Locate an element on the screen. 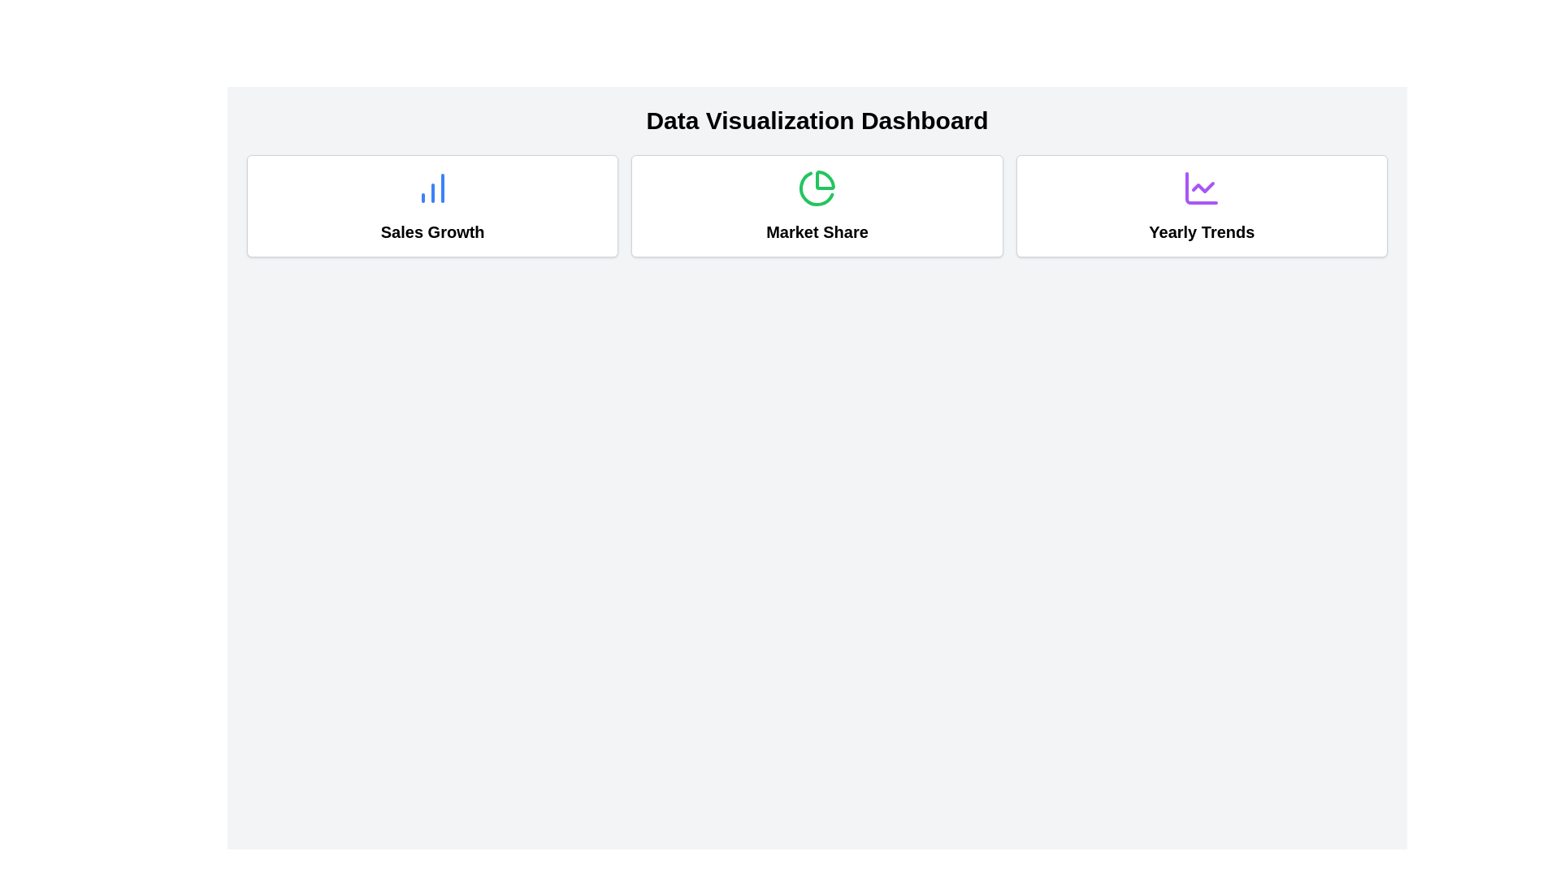  the label indicating the category or theme represented by the graphical pie chart icon above it, located in the central box of the 3-column layout is located at coordinates (817, 231).